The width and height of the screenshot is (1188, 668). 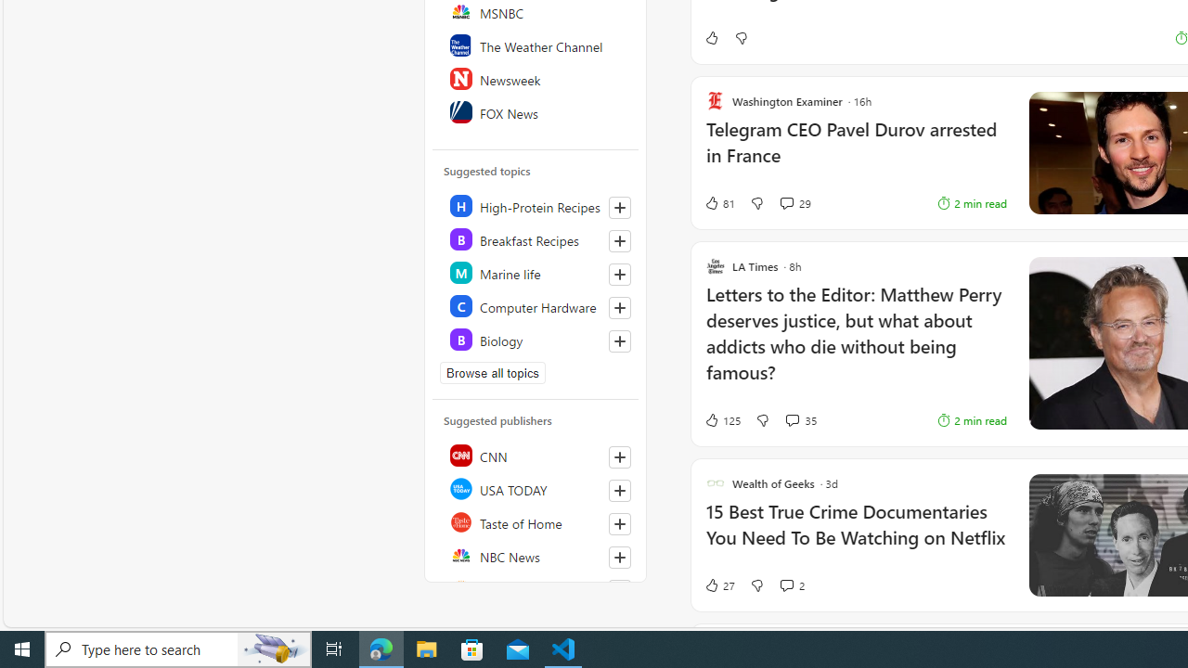 I want to click on 'View comments 2 Comment', so click(x=786, y=585).